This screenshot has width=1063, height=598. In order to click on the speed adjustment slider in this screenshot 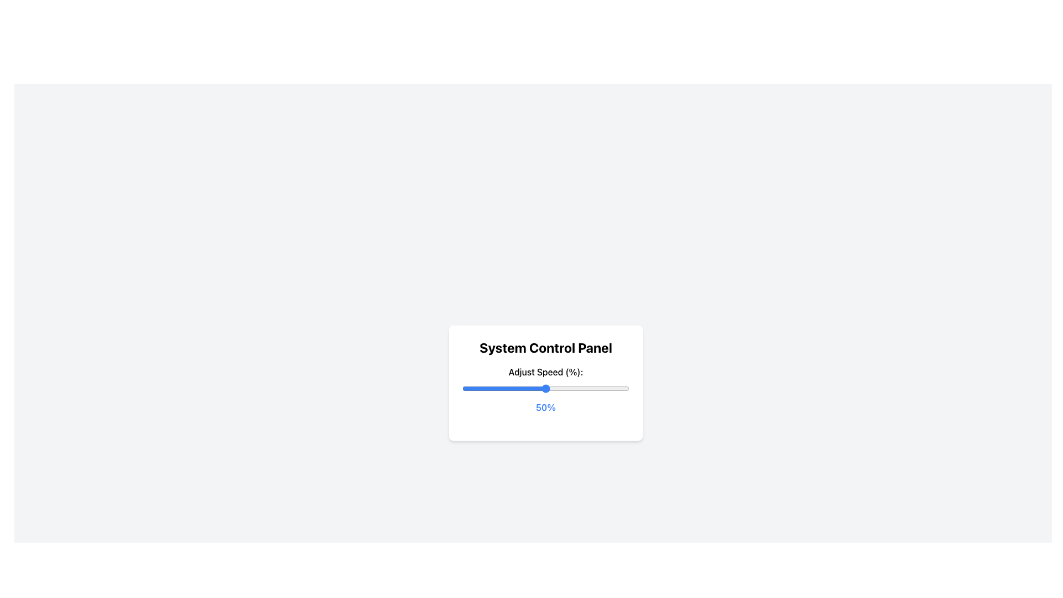, I will do `click(507, 388)`.